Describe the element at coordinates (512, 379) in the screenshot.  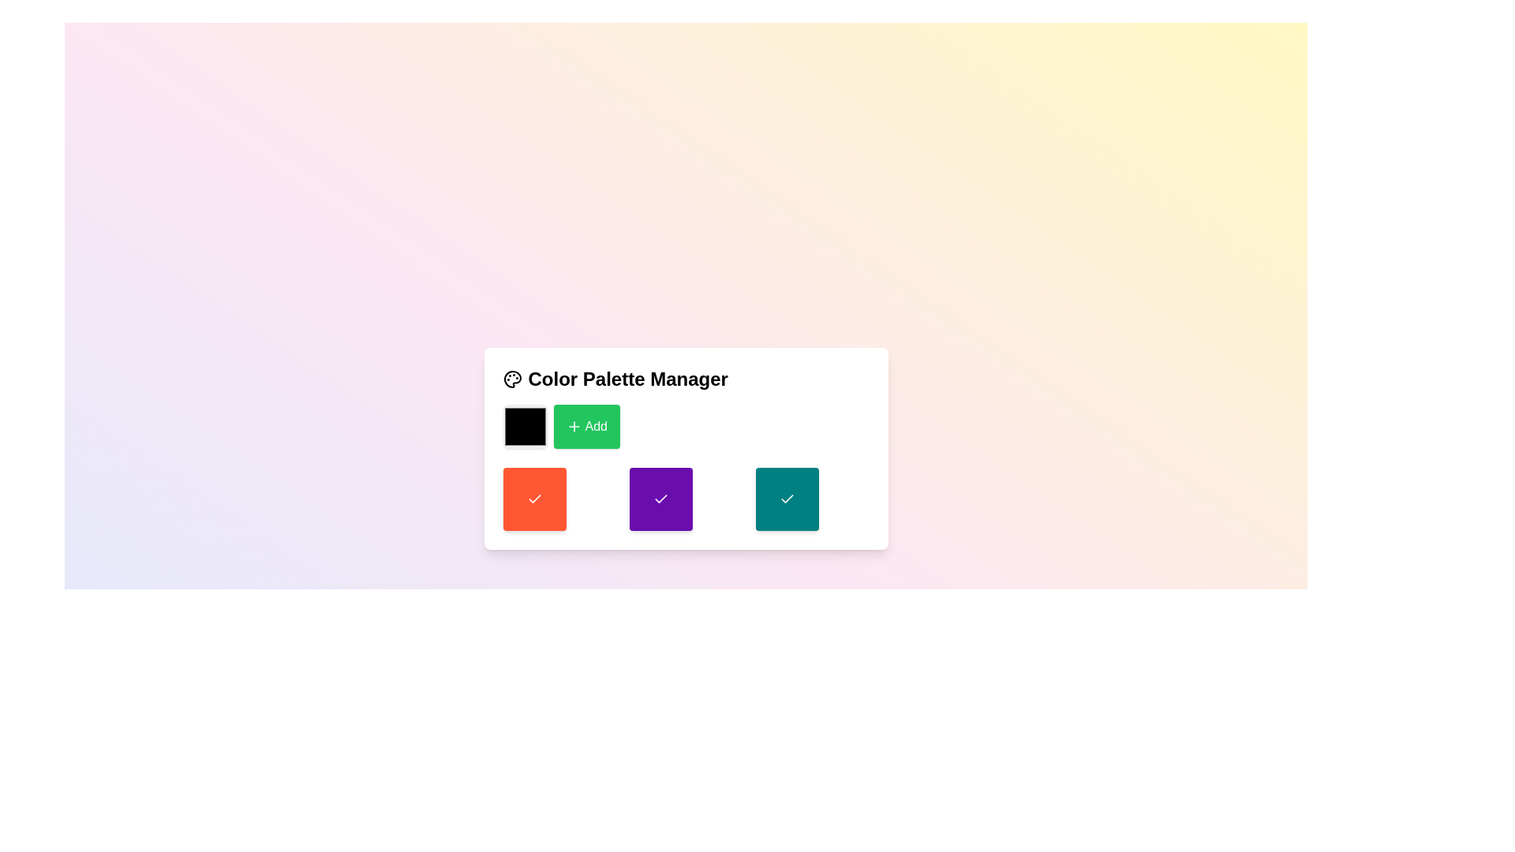
I see `the color palette management icon located in the title section of the 'Color Palette Manager' panel` at that location.